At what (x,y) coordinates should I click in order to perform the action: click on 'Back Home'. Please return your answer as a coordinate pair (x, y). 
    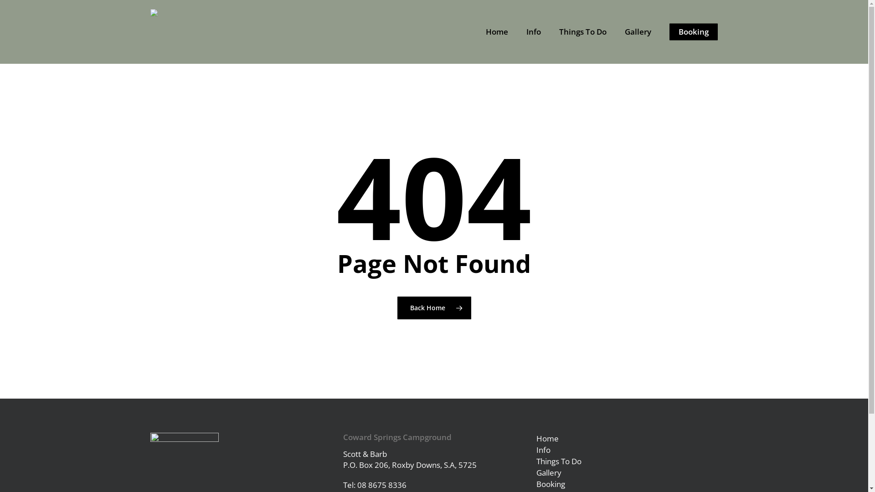
    Looking at the image, I should click on (434, 307).